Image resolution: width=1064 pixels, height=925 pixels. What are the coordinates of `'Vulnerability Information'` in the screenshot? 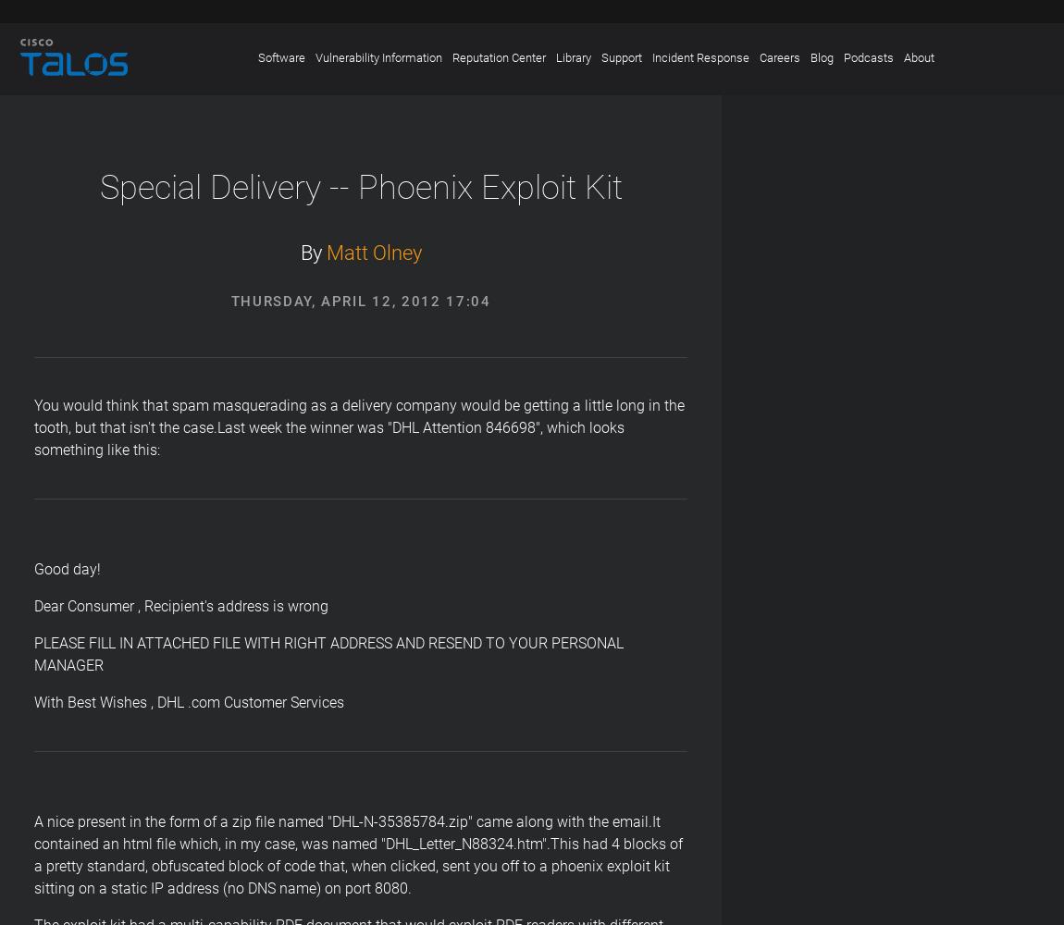 It's located at (377, 57).